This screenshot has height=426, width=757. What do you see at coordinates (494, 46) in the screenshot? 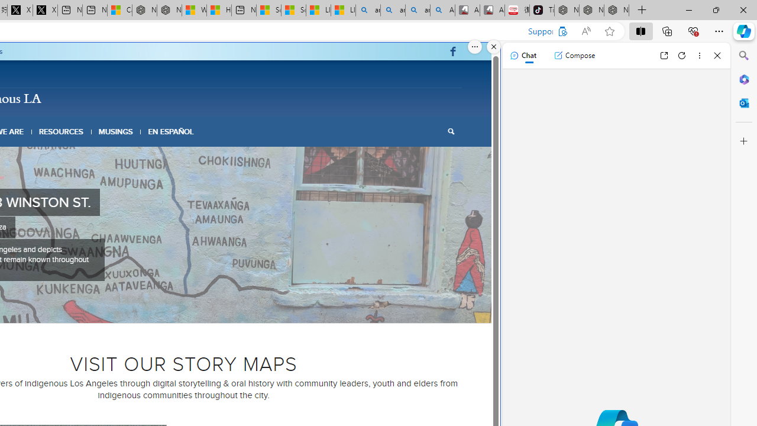
I see `'Close split screen.'` at bounding box center [494, 46].